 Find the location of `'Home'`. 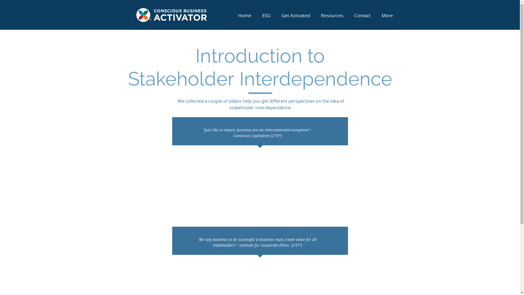

'Home' is located at coordinates (244, 15).